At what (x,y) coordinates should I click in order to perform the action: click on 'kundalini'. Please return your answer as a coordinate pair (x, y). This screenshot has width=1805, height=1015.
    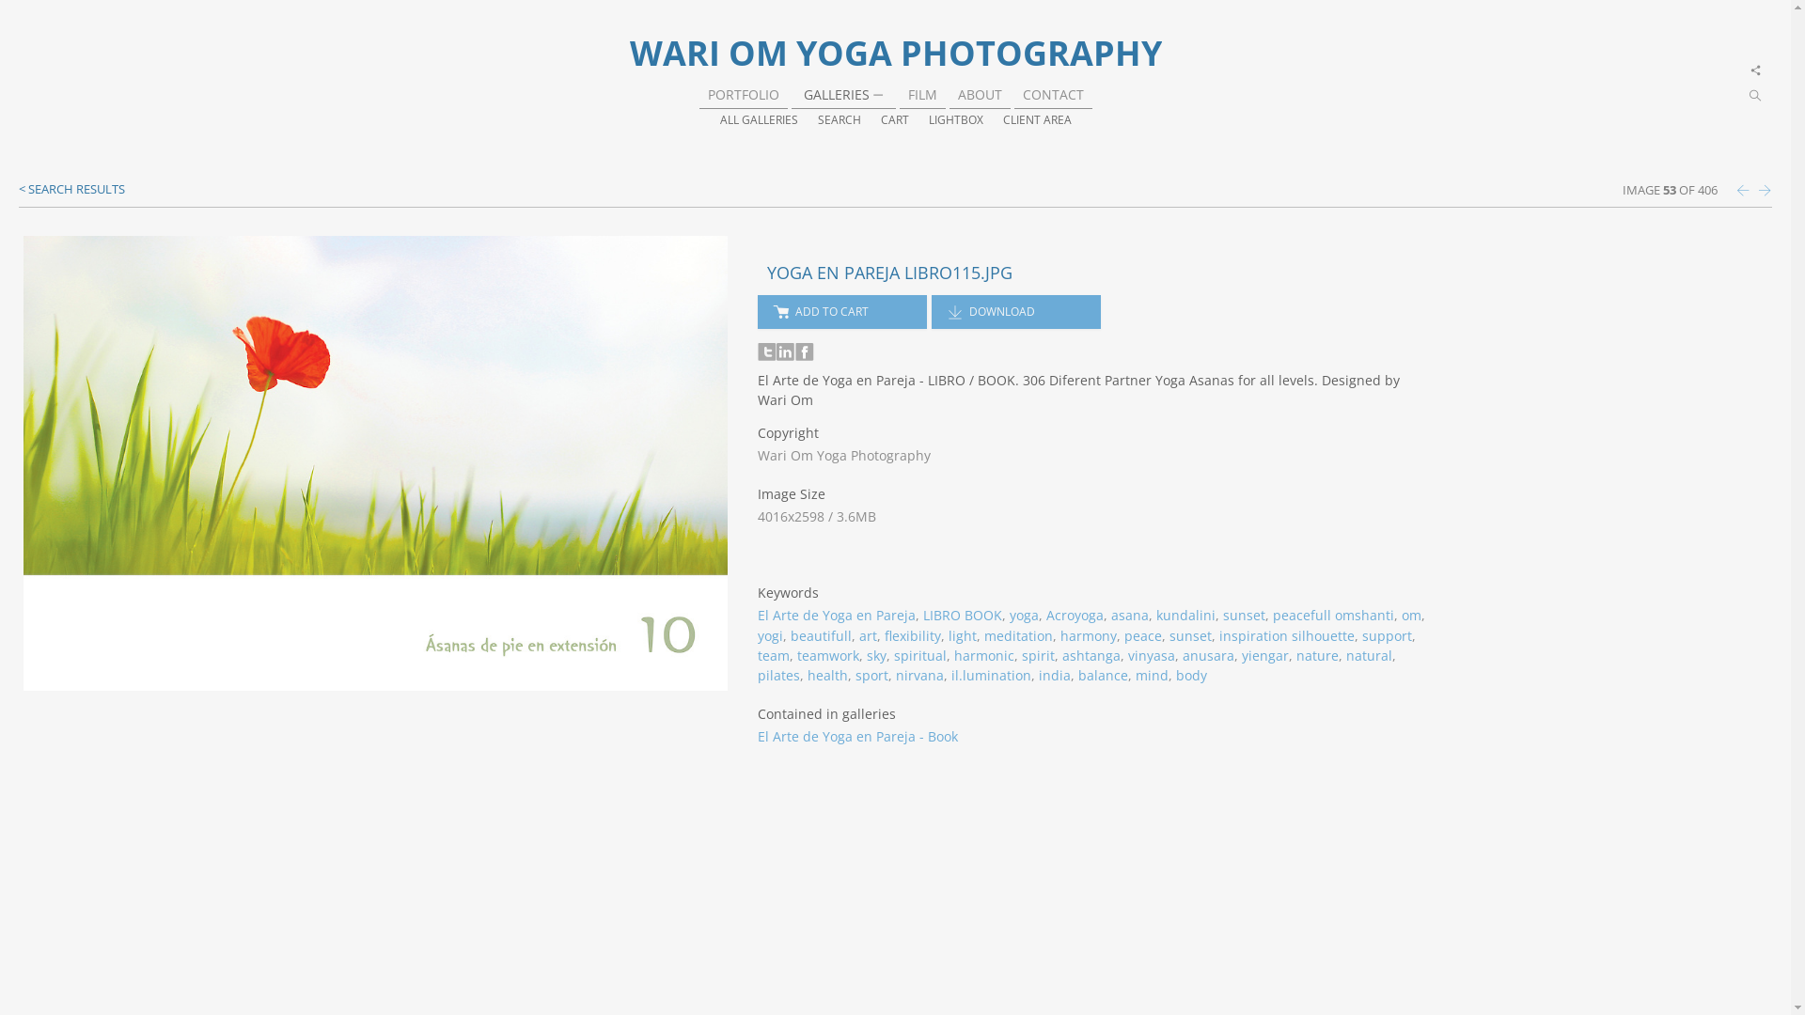
    Looking at the image, I should click on (1185, 615).